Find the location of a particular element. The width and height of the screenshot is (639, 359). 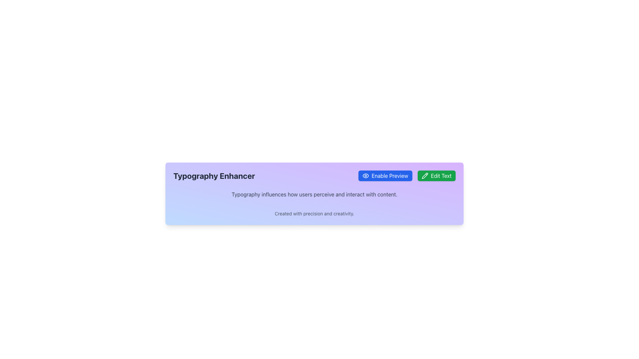

the pencil icon located is located at coordinates (424, 175).